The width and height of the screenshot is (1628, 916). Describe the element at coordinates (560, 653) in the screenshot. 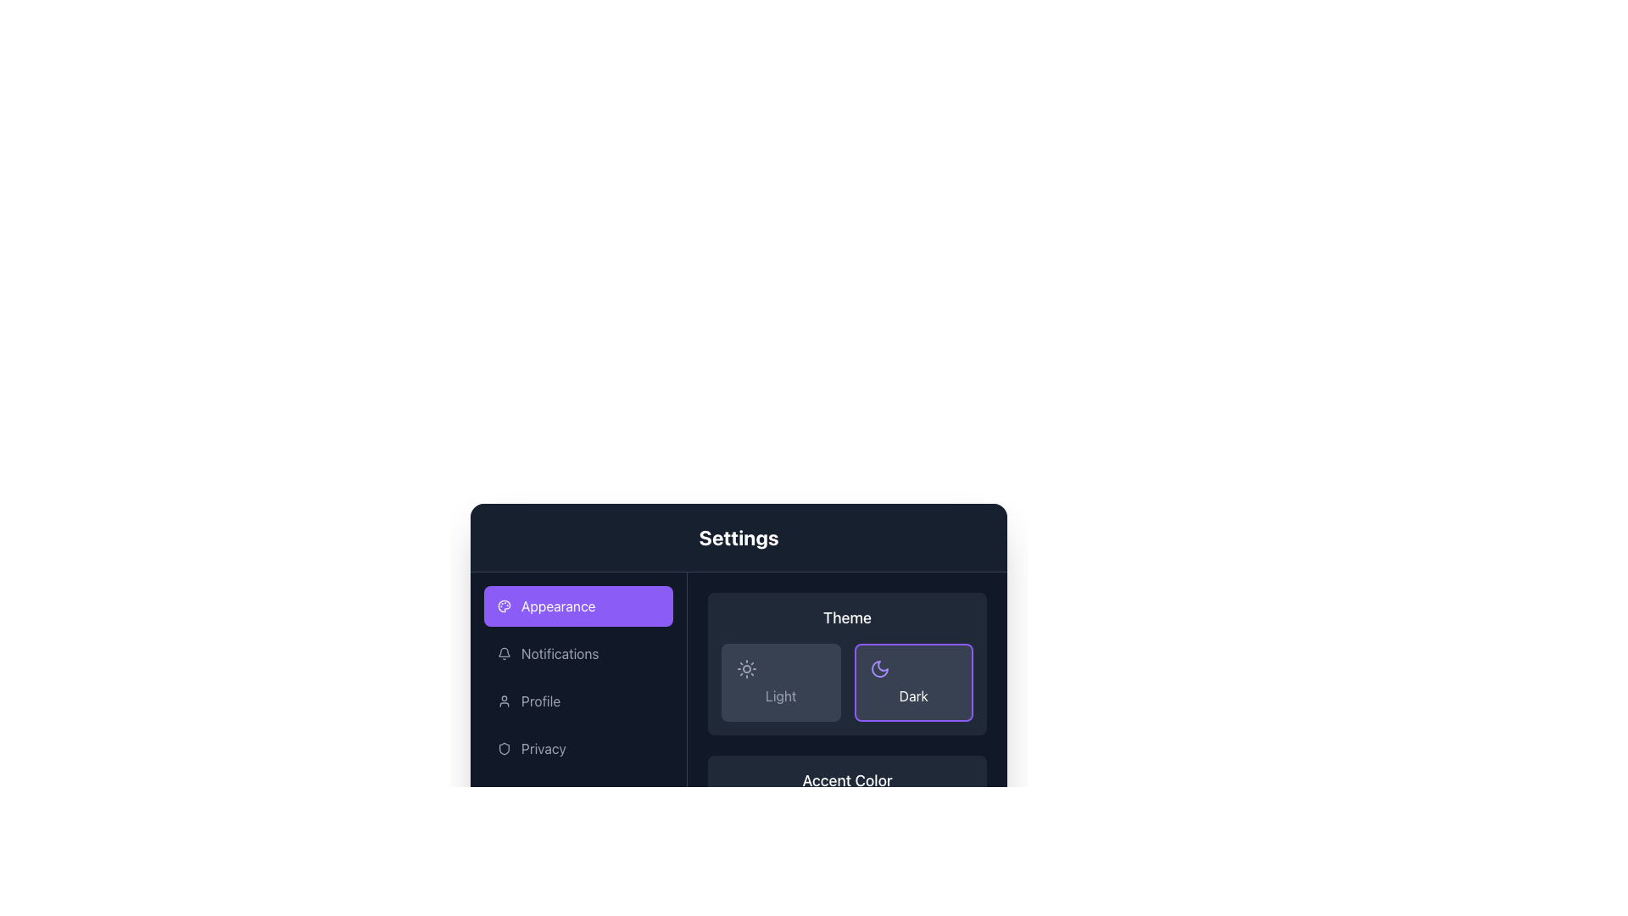

I see `text content of the 'Notifications' label, which is styled with a light gray font color on a dark background and positioned below the 'Appearance' section in the left menu panel` at that location.